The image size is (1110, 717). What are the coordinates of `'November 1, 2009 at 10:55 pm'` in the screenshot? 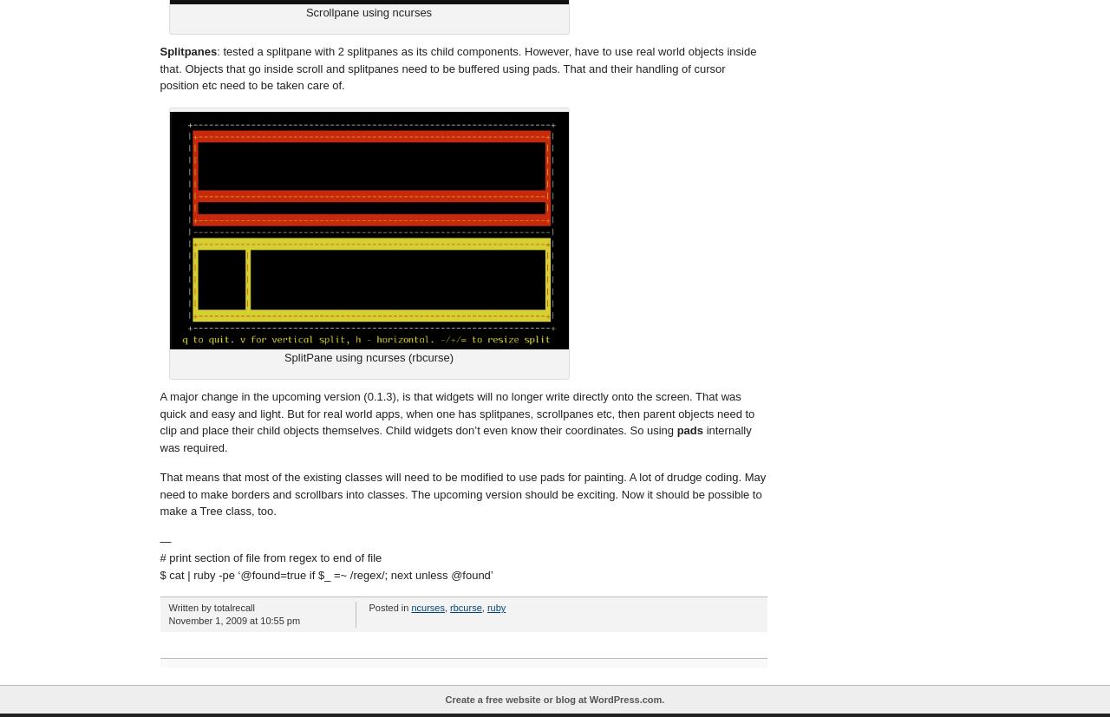 It's located at (232, 621).